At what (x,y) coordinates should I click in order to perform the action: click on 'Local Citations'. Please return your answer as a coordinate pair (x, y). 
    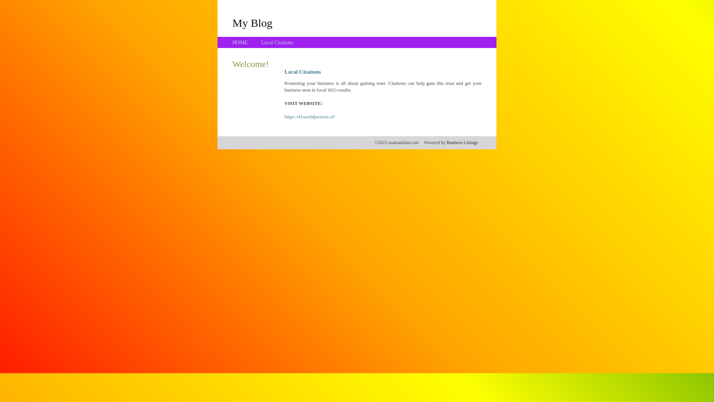
    Looking at the image, I should click on (276, 42).